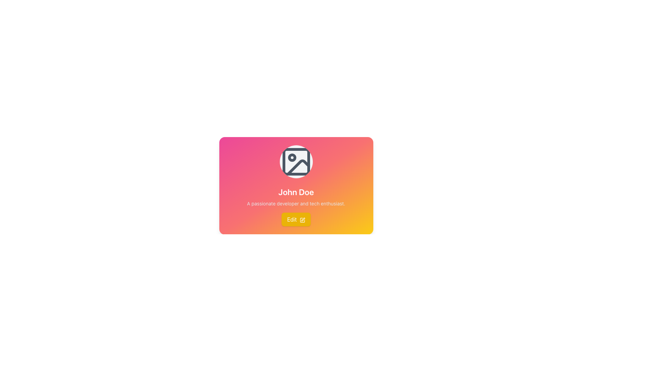  What do you see at coordinates (296, 192) in the screenshot?
I see `text label that displays 'John Doe' in a large and bold font style, positioned near the upper-middle section of the card interface` at bounding box center [296, 192].